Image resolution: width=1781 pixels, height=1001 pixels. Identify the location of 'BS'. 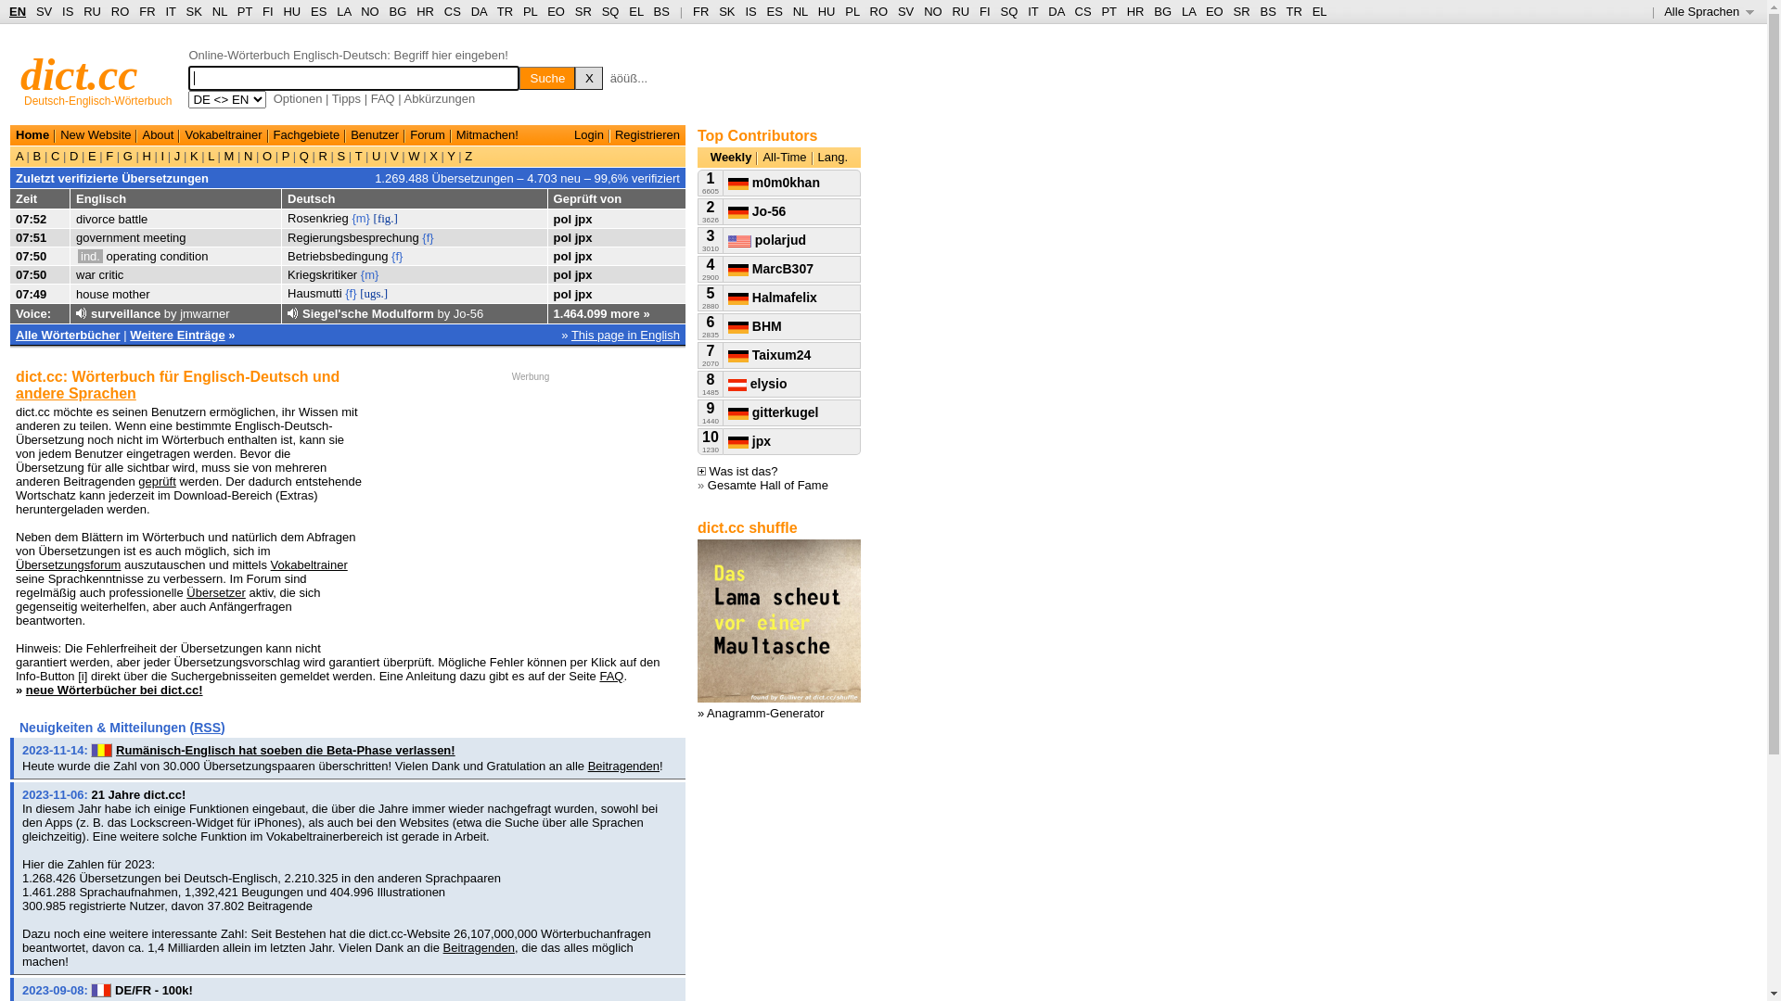
(1266, 11).